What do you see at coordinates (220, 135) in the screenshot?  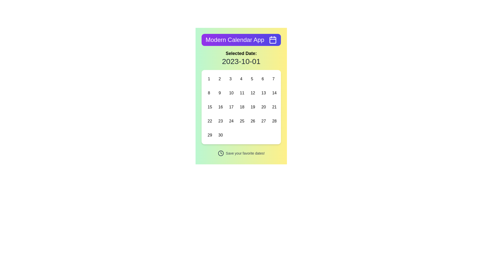 I see `the button representing the date '30' located in the bottom-right corner of the calendar grid` at bounding box center [220, 135].